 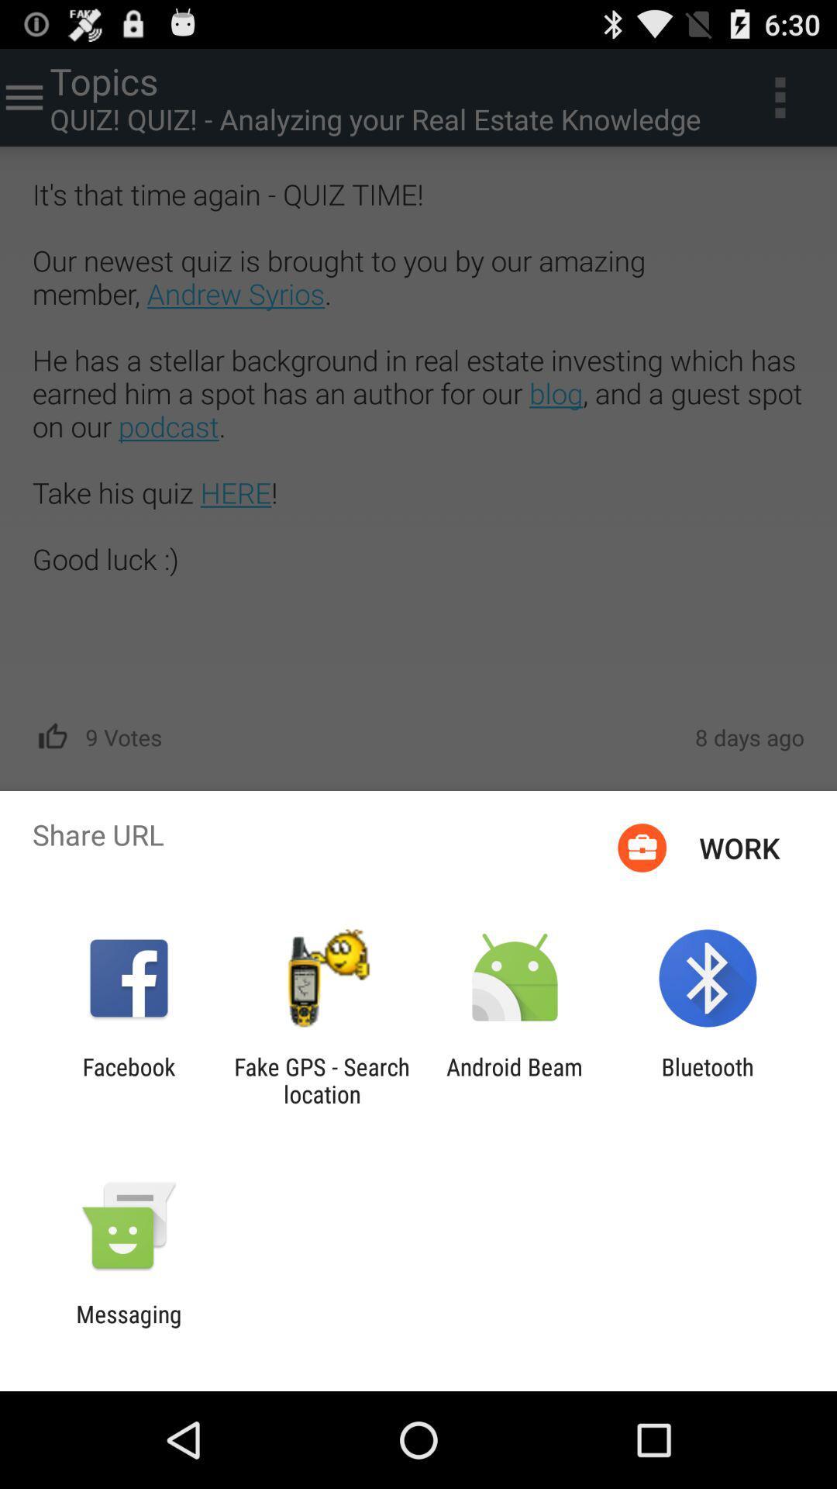 I want to click on facebook, so click(x=128, y=1080).